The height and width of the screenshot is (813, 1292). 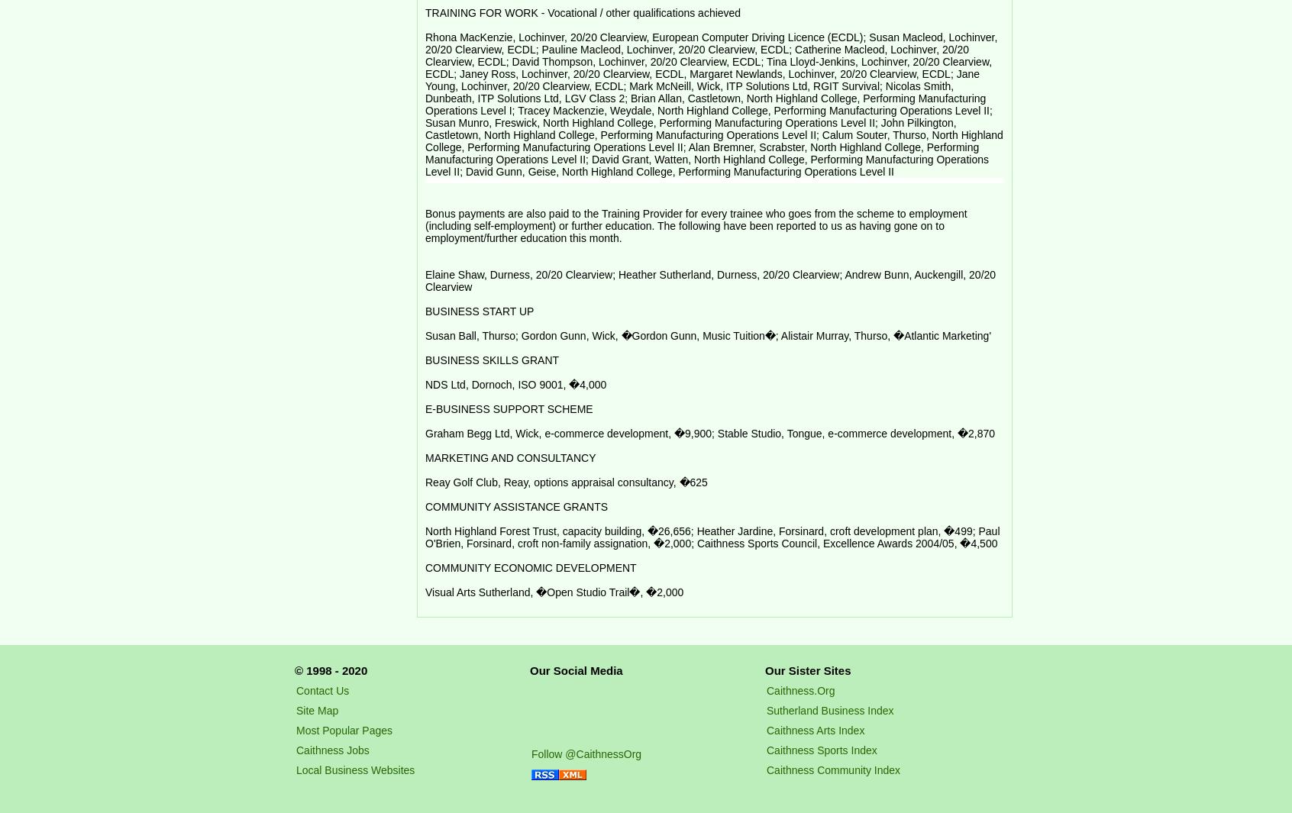 I want to click on 'Caithness Arts Index', so click(x=766, y=730).